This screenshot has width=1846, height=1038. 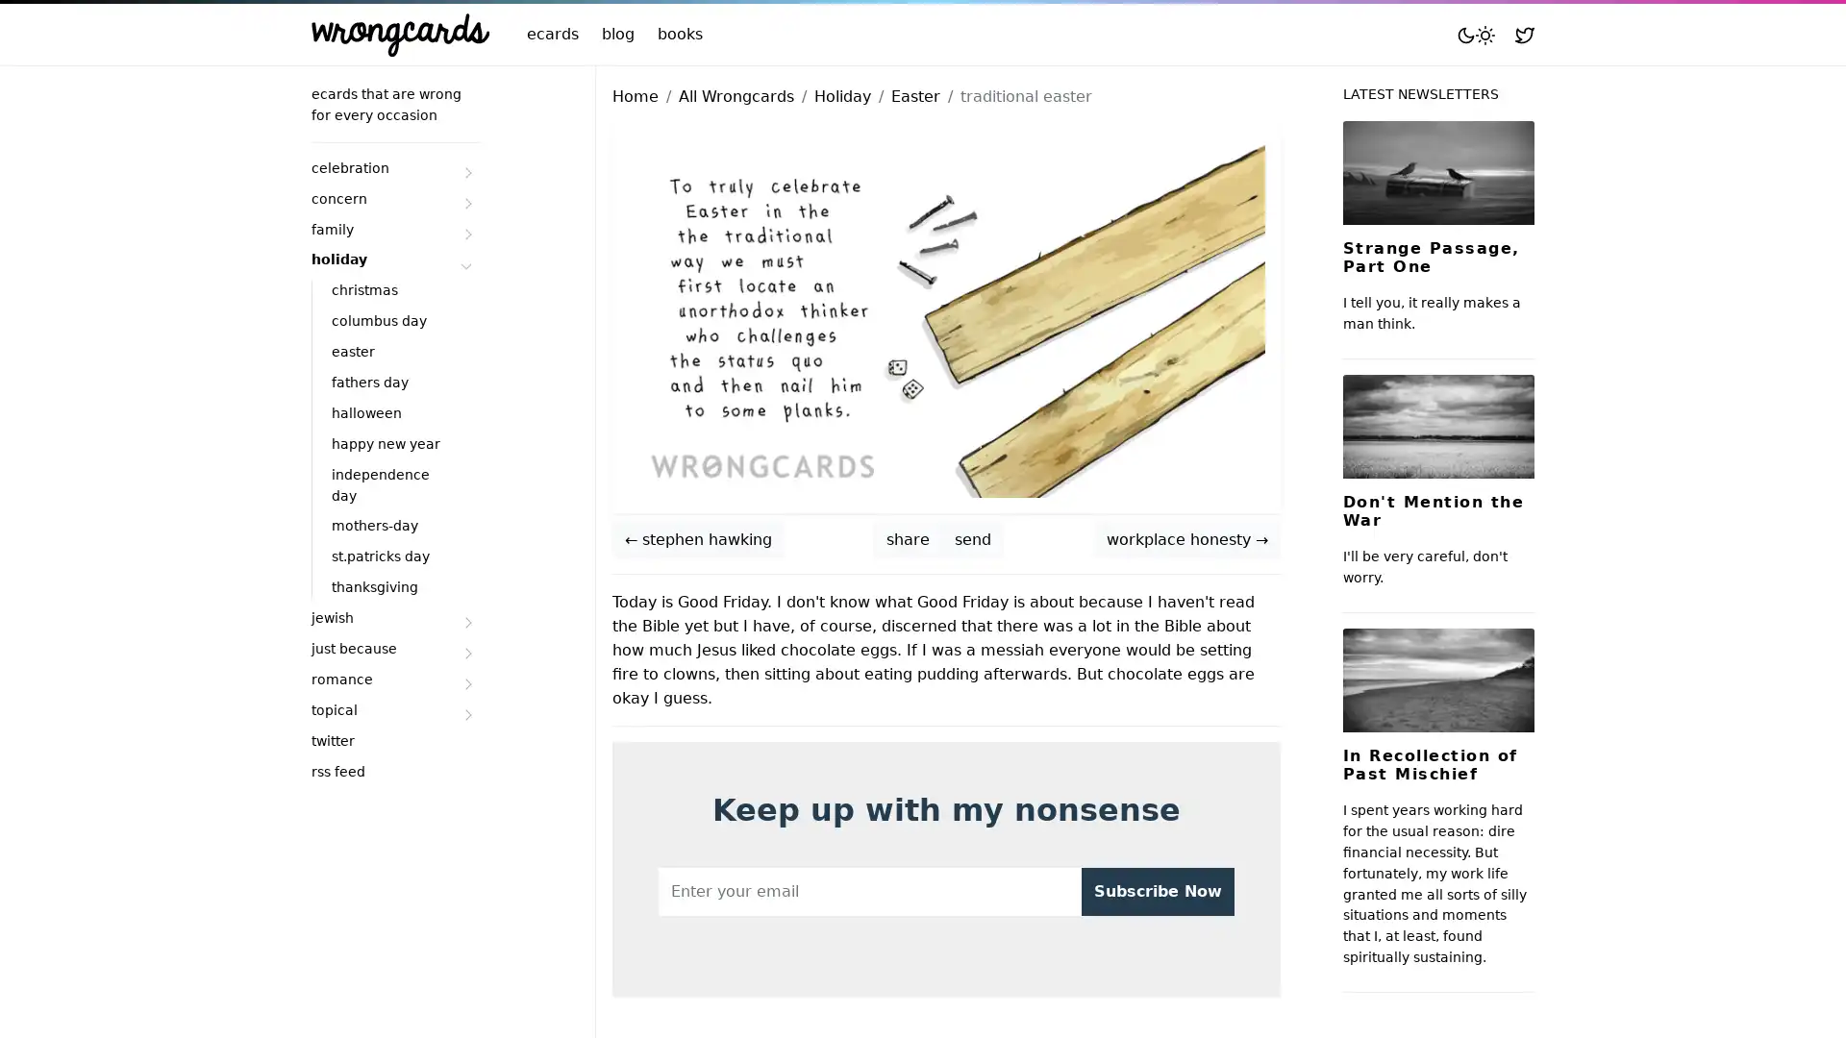 I want to click on Submenu, so click(x=465, y=714).